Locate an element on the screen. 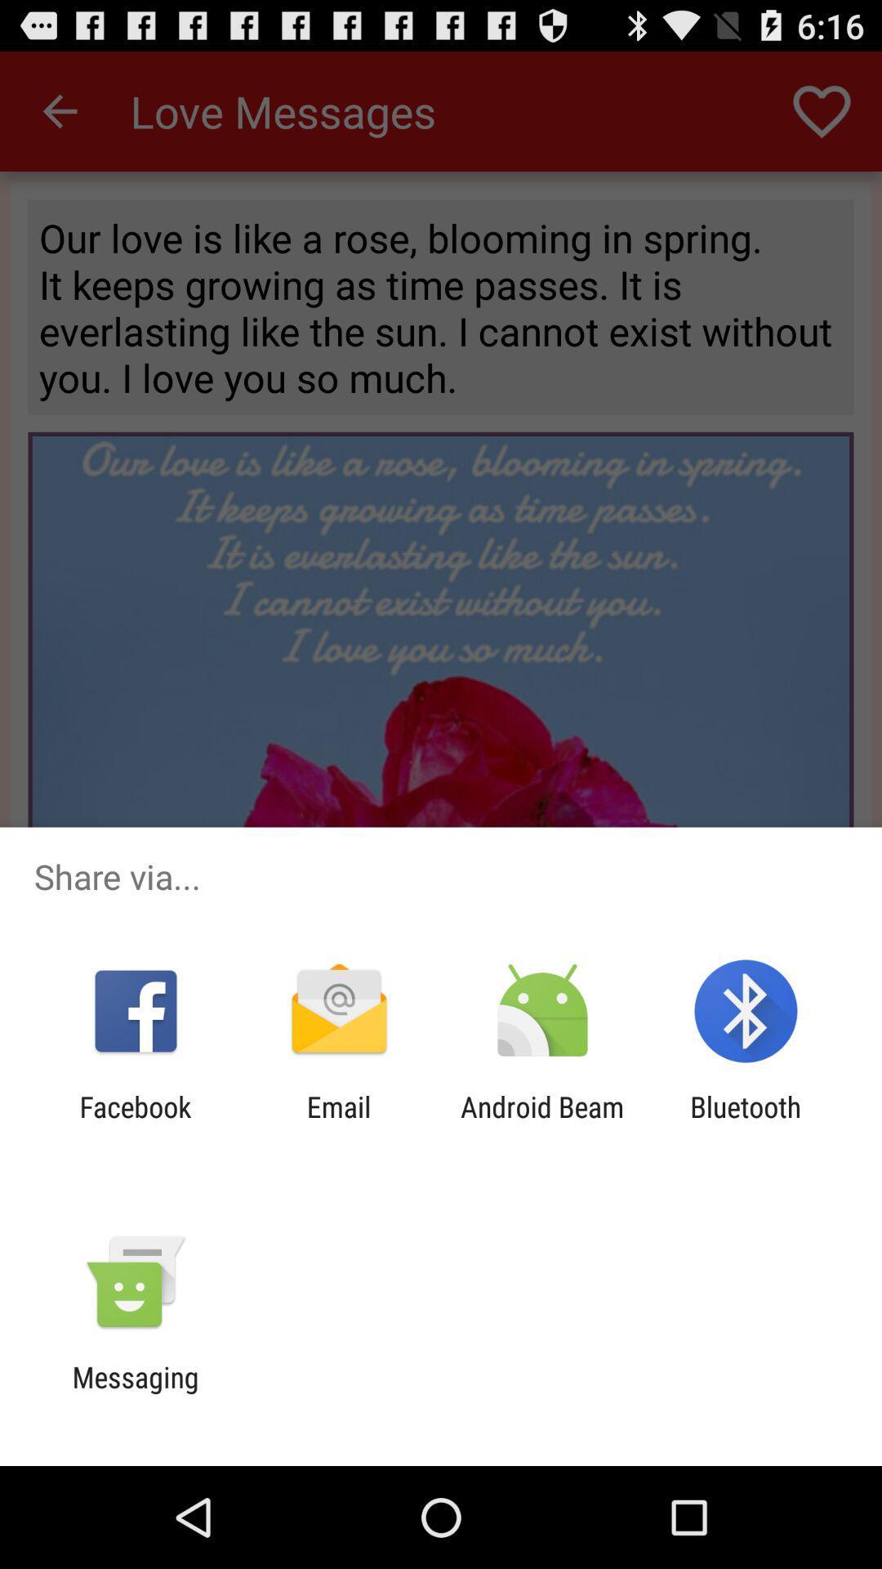  item next to the email app is located at coordinates (135, 1123).